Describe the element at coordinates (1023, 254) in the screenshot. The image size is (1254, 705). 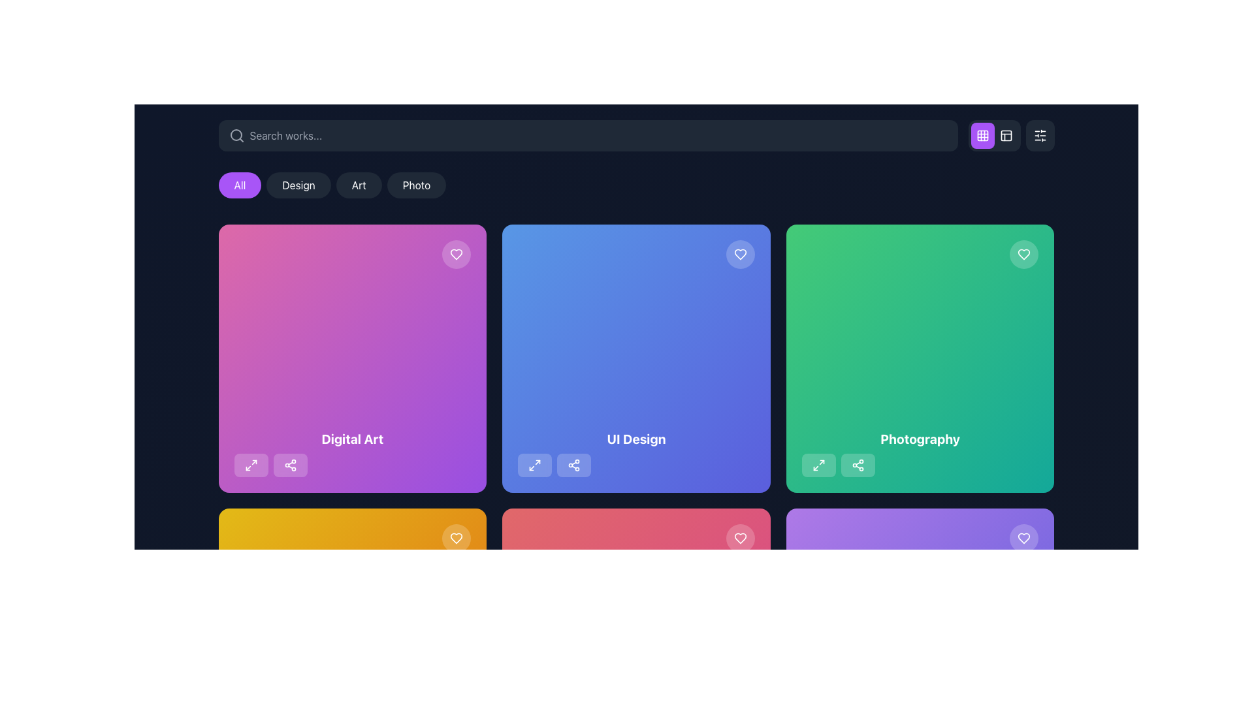
I see `the heart-shaped icon with a hollow center located in the upper-right corner of the green 'Photography' card` at that location.